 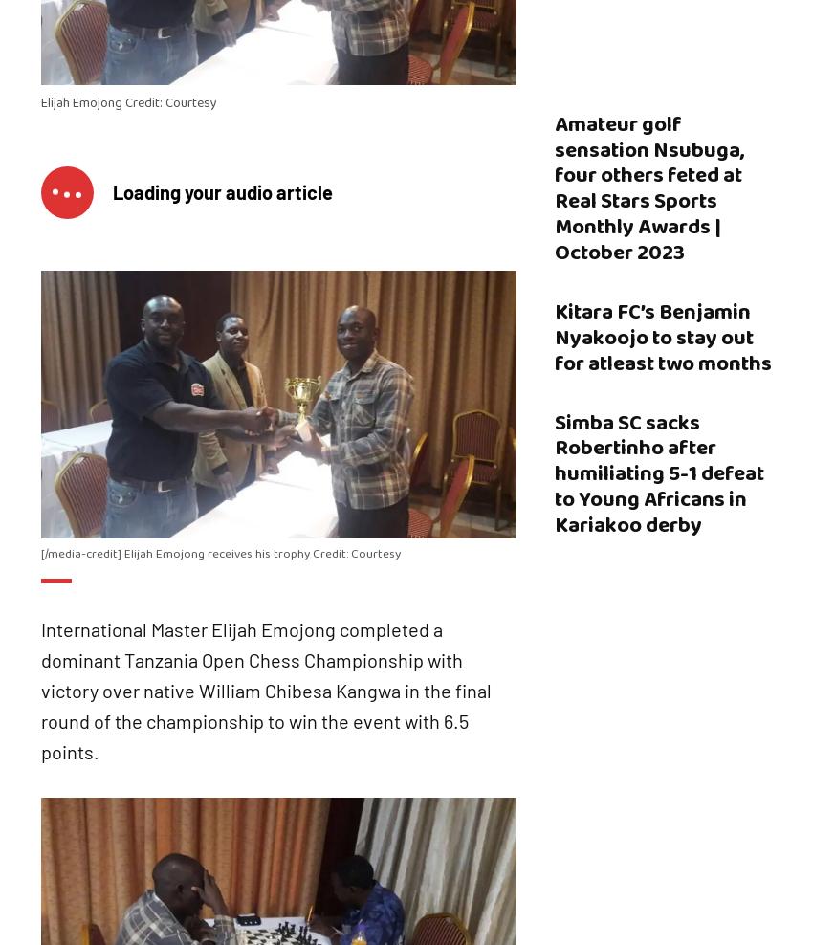 I want to click on 'Elijah Emojong', so click(x=81, y=102).